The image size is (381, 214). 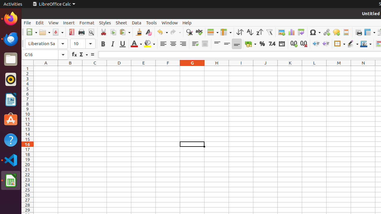 What do you see at coordinates (236, 43) in the screenshot?
I see `'Align Bottom'` at bounding box center [236, 43].